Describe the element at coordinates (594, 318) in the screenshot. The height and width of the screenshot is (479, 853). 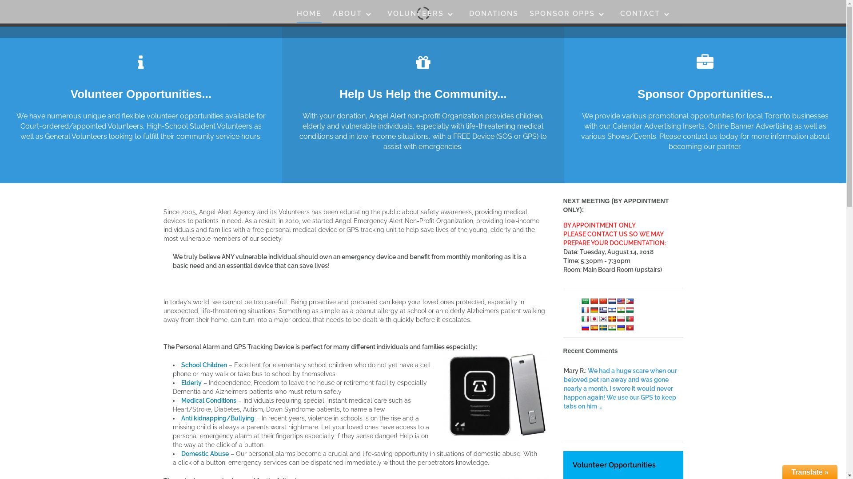
I see `'Japanese'` at that location.